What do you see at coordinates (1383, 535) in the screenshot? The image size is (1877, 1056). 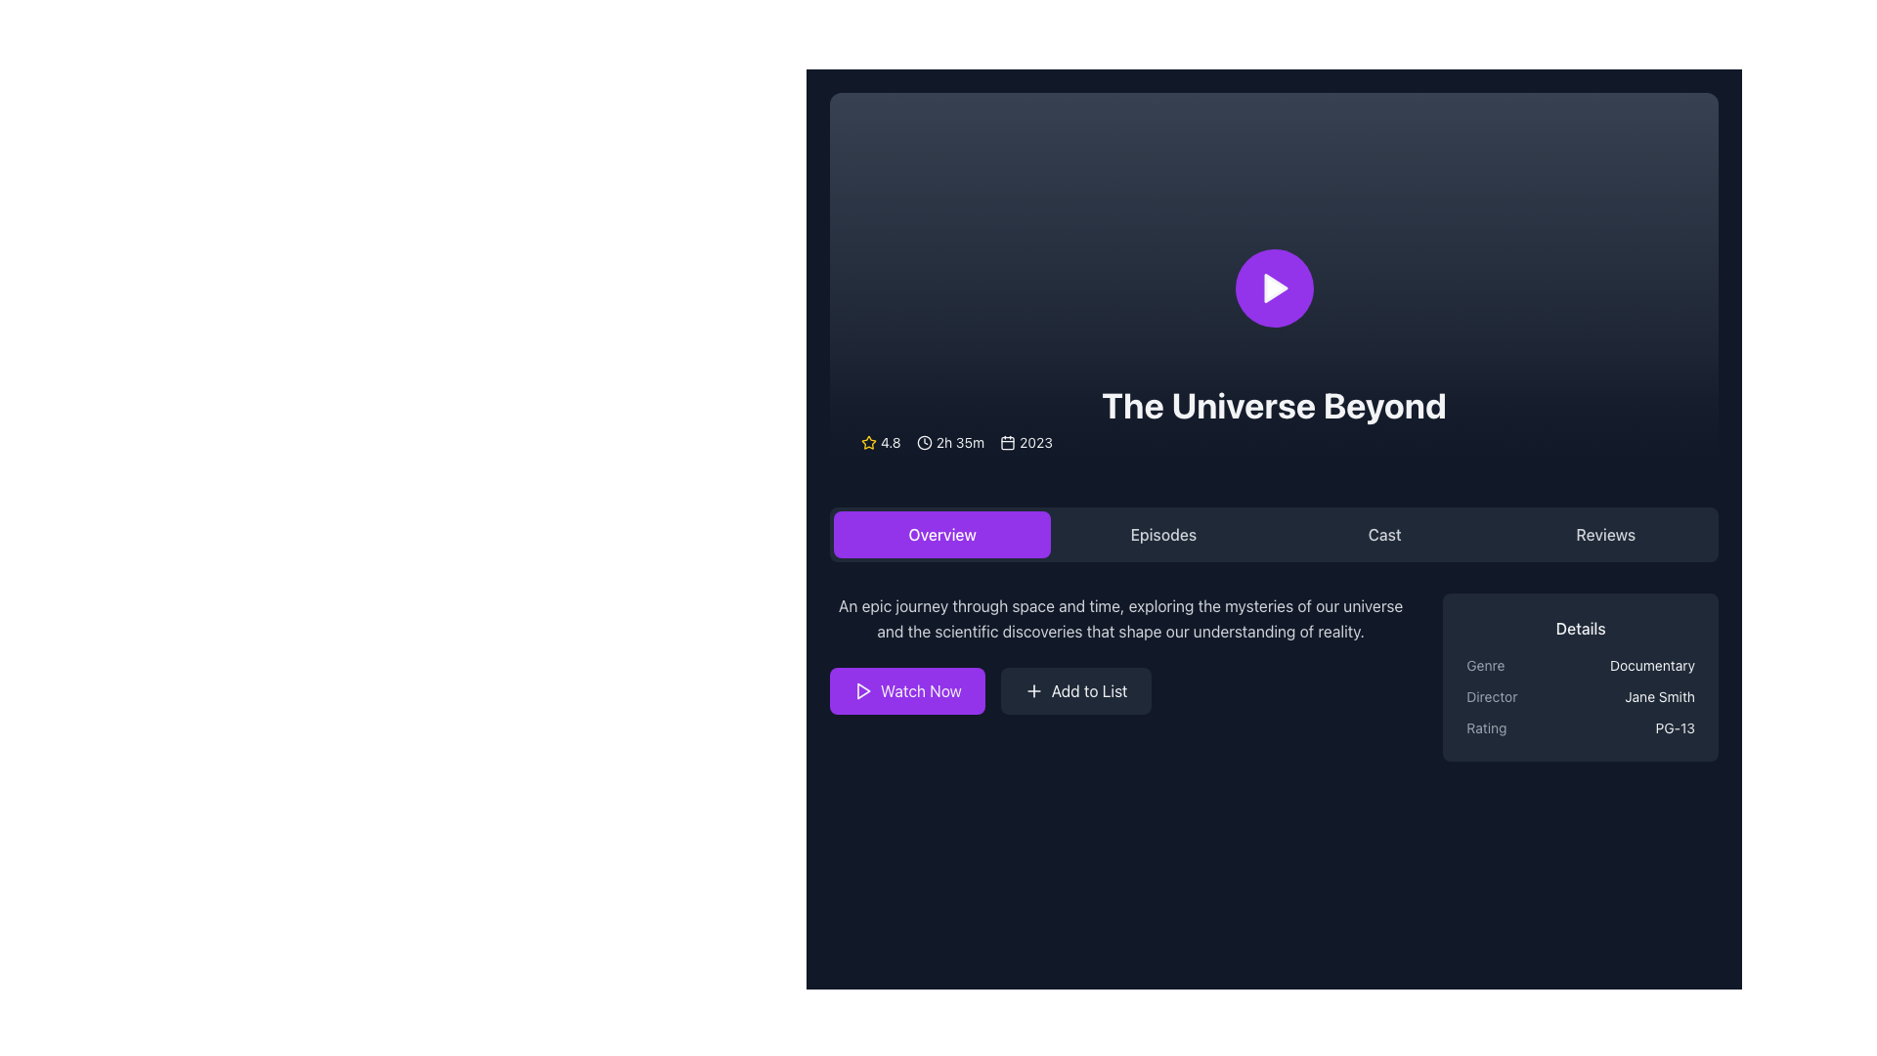 I see `the 'Cast' button, which is the third button in a series of four, styled with a dark gray background and light gray text, located below the title 'The Universe Beyond'` at bounding box center [1383, 535].